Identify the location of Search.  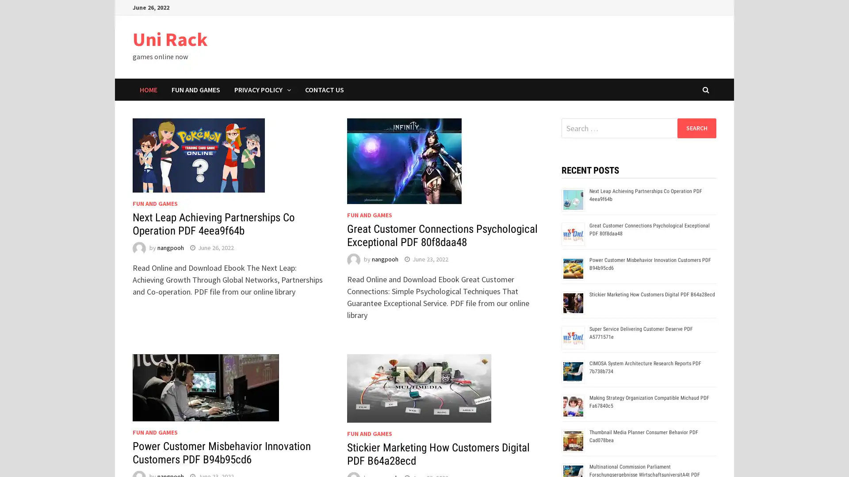
(696, 128).